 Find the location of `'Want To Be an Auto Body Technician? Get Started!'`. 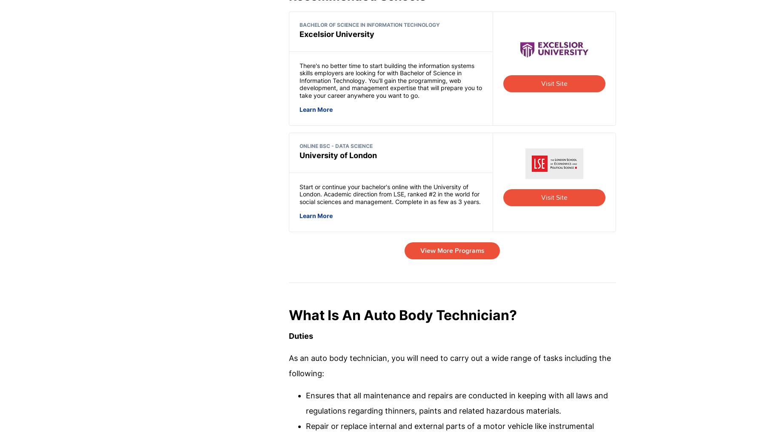

'Want To Be an Auto Body Technician? Get Started!' is located at coordinates (238, 148).